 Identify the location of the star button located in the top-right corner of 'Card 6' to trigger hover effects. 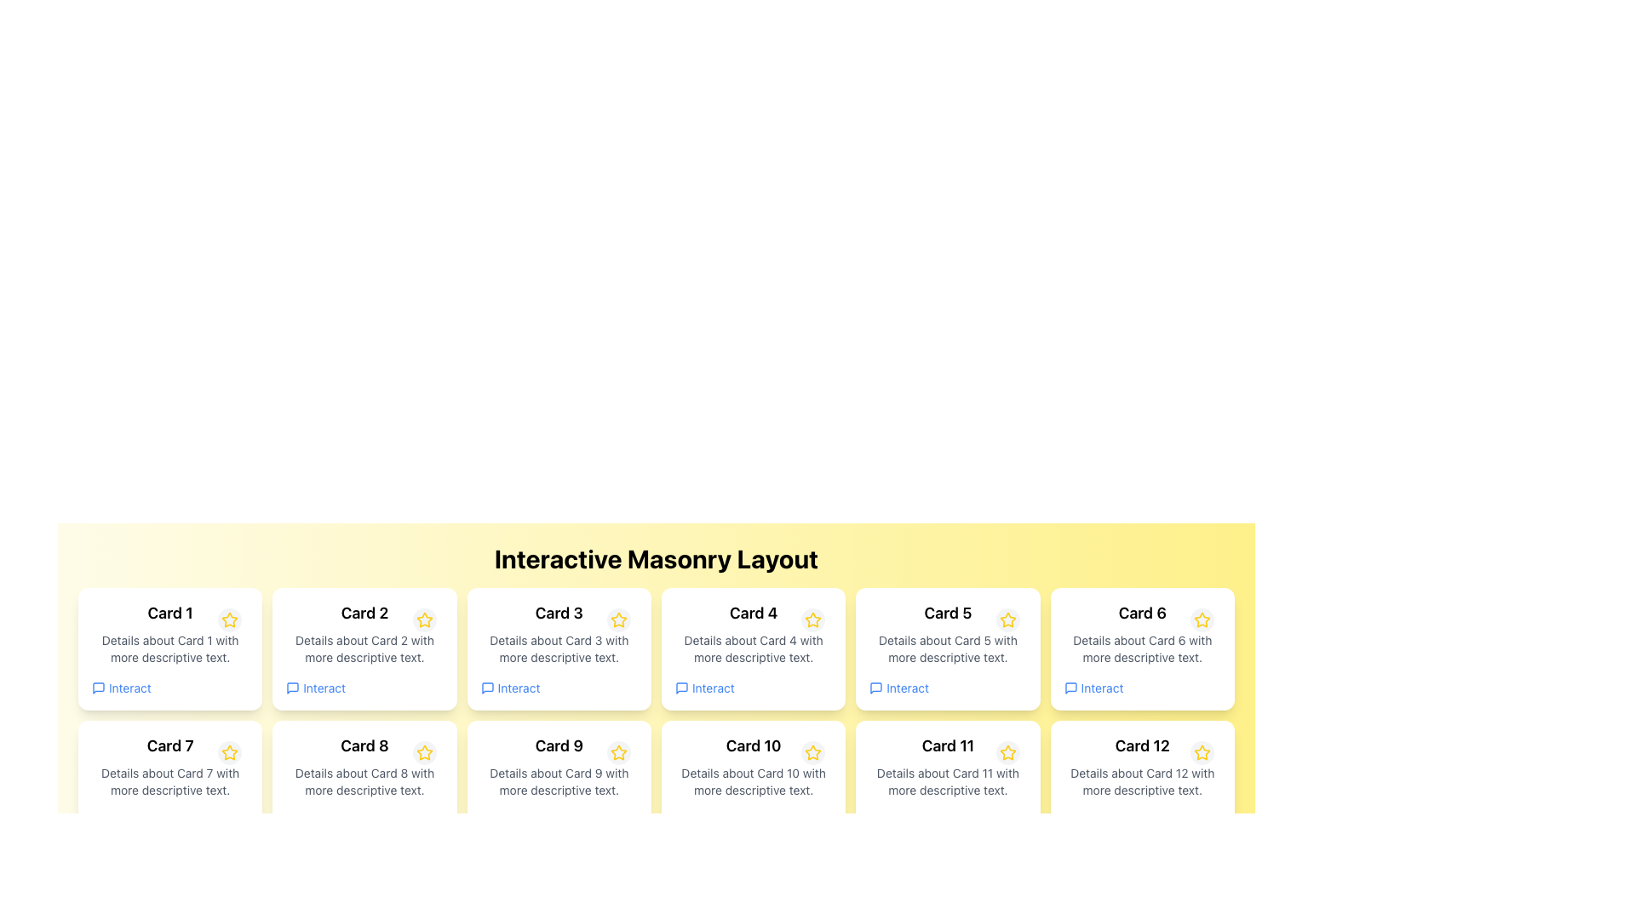
(1201, 620).